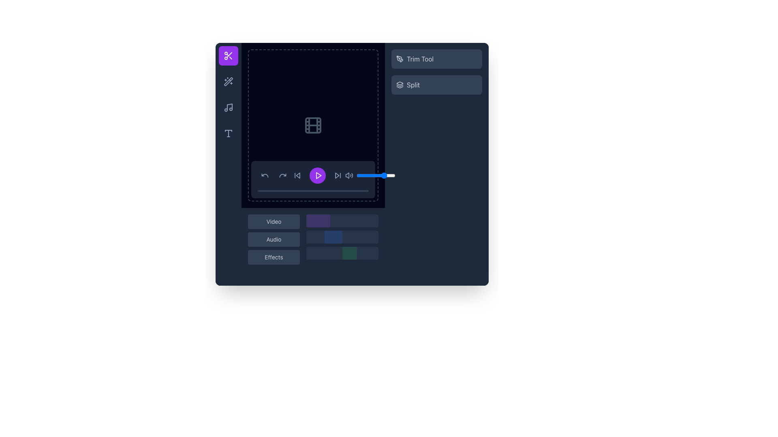 This screenshot has width=778, height=437. I want to click on the 'Effects' button, which is the third button from the top in a vertical stack of three buttons ('Video', 'Audio', and 'Effects'), so click(274, 257).